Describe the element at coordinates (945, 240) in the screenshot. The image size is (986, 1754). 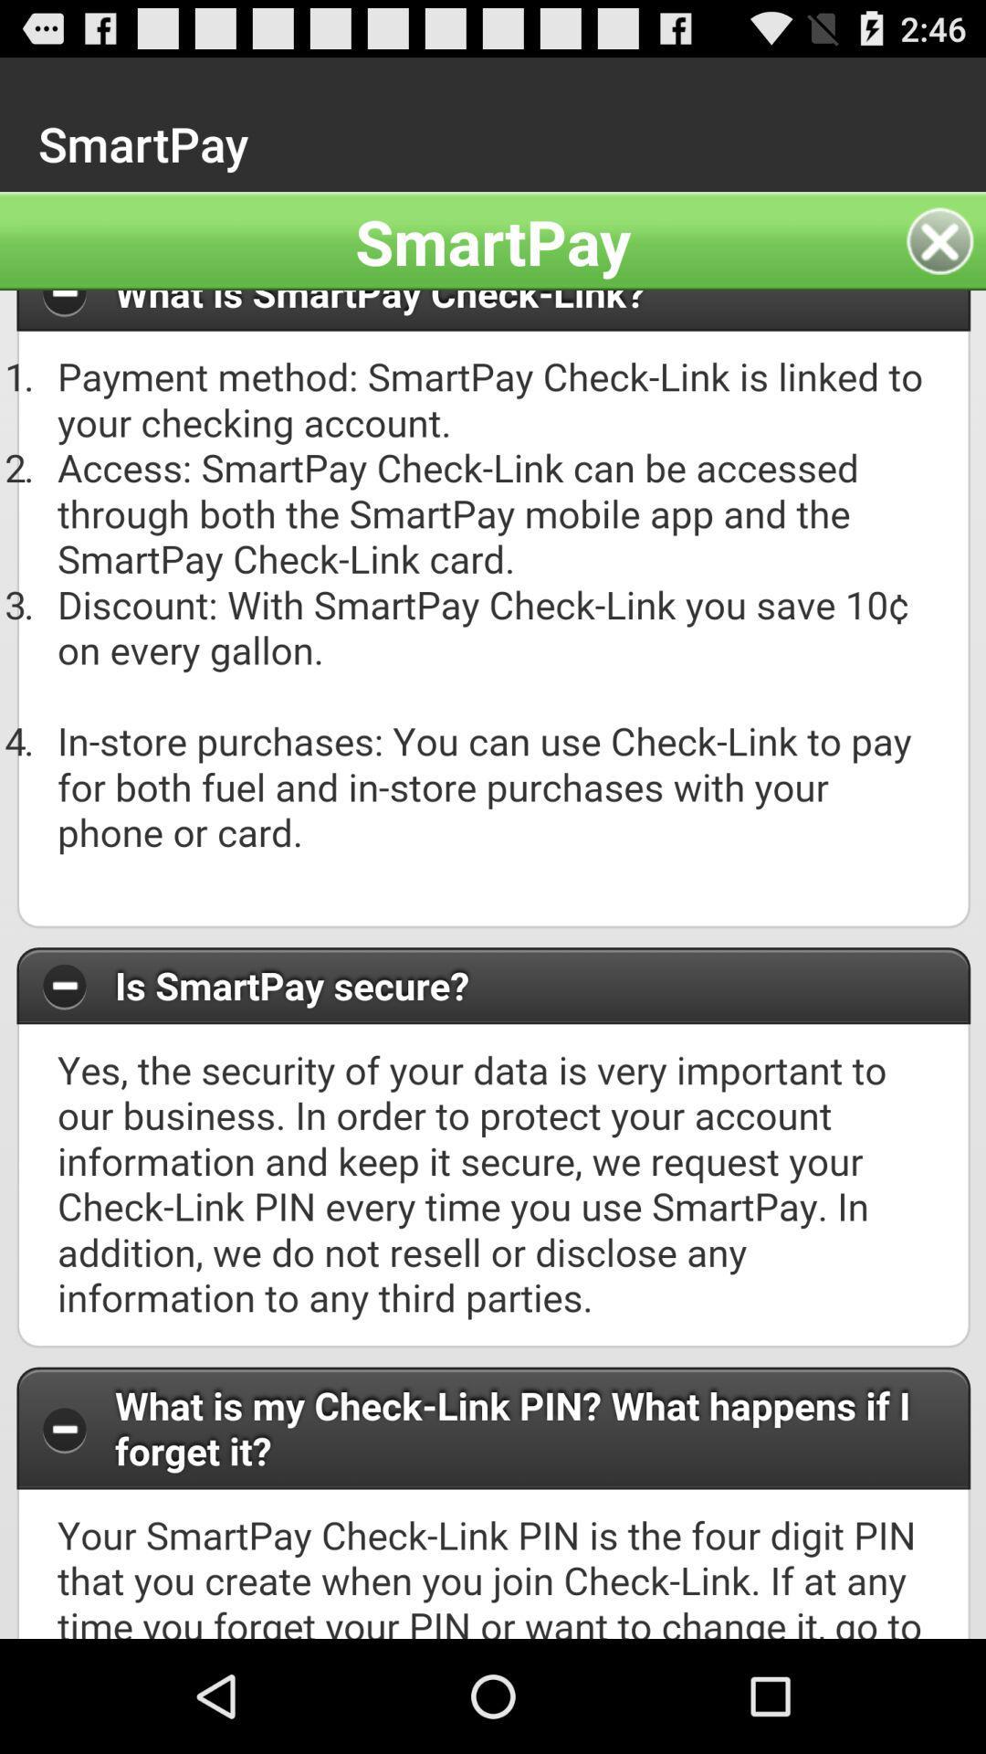
I see `page` at that location.